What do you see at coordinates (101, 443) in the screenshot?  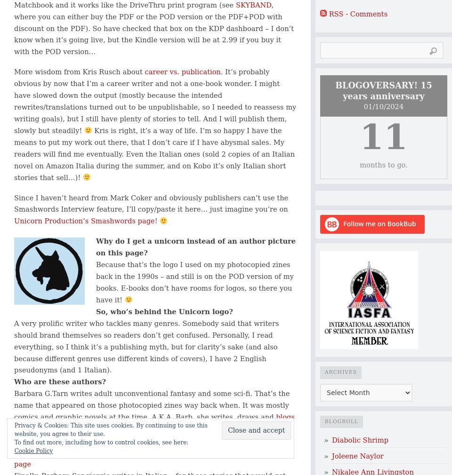 I see `'To find out more, including how to control cookies, see here:'` at bounding box center [101, 443].